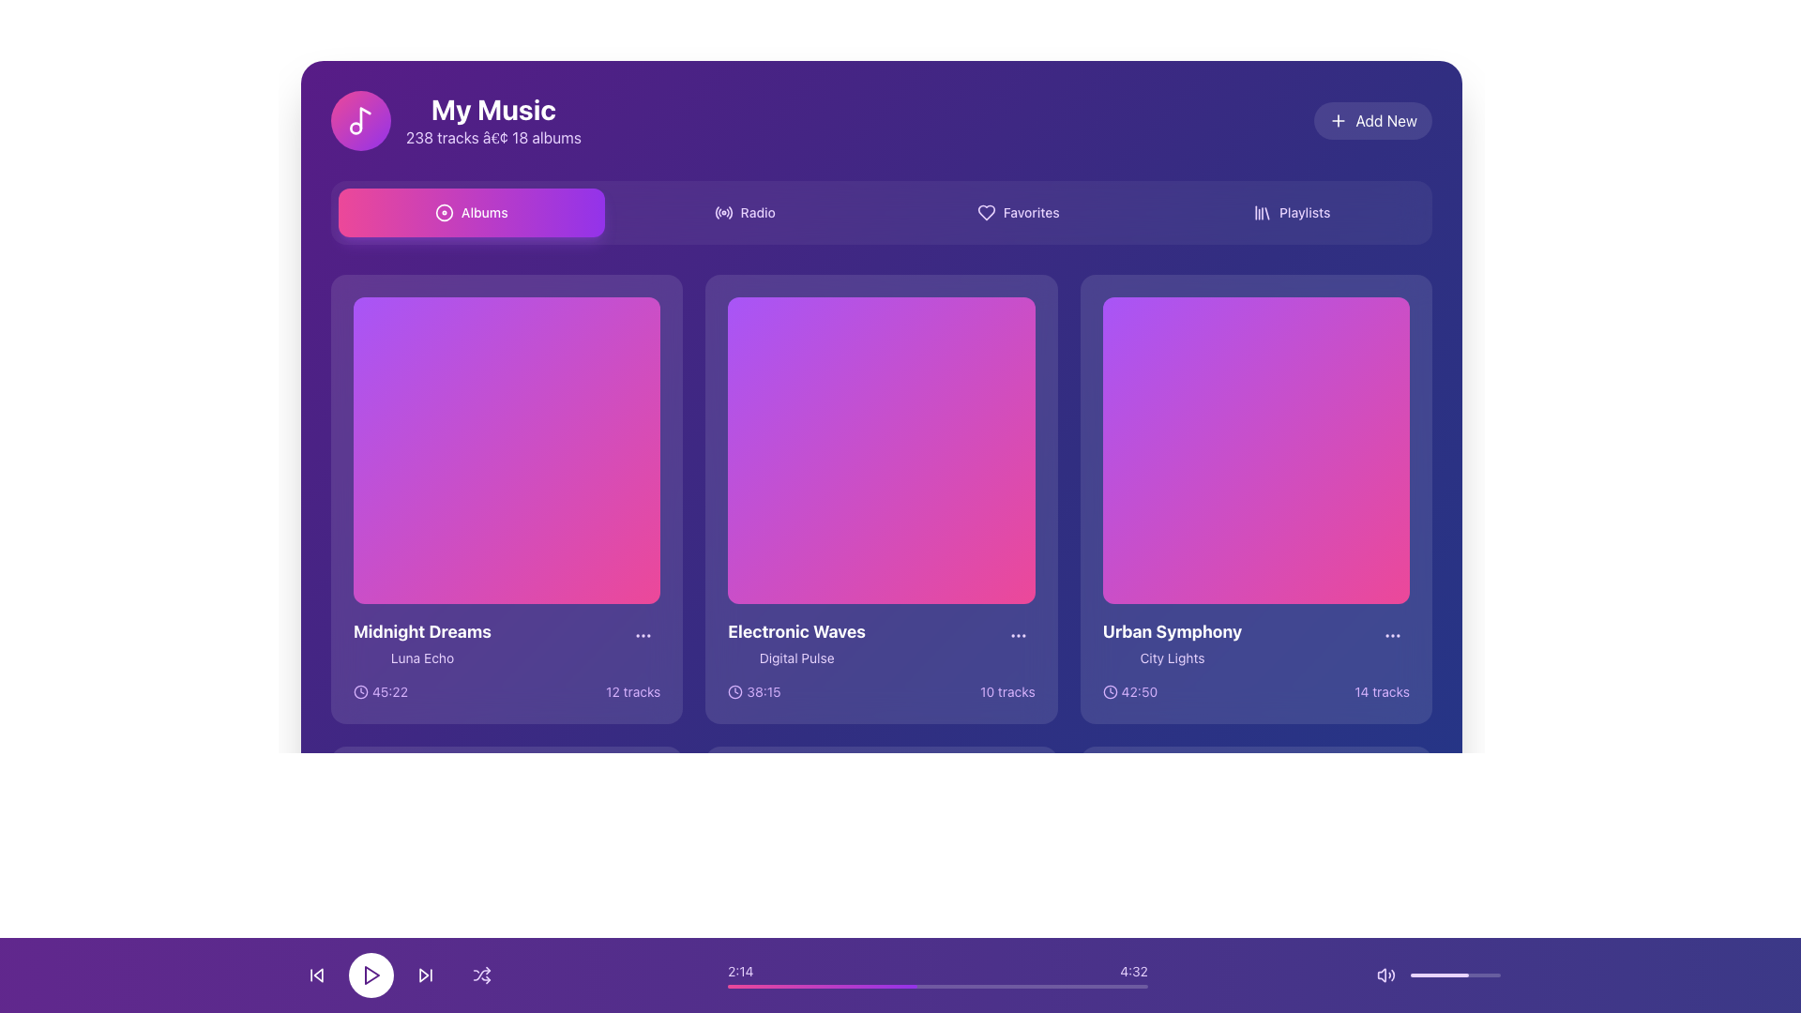 Image resolution: width=1801 pixels, height=1013 pixels. What do you see at coordinates (985, 212) in the screenshot?
I see `the 'Favorites' icon located in the navigation menu bar at the top of the interface, positioned to the right of the 'Radio' label and immediately to the left of the 'Favorites' text` at bounding box center [985, 212].